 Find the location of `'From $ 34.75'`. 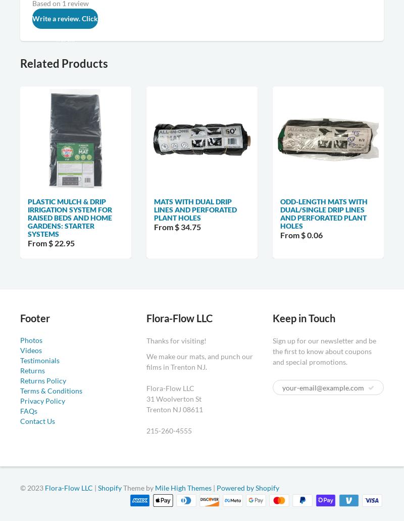

'From $ 34.75' is located at coordinates (177, 226).